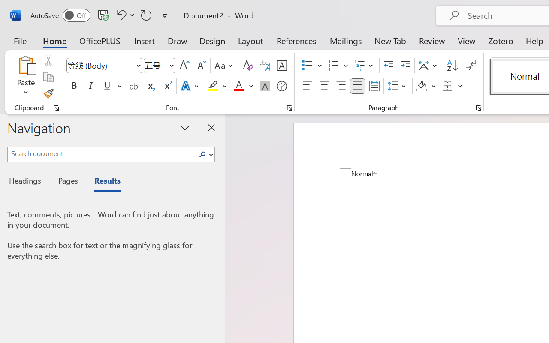  I want to click on 'Italic', so click(91, 86).